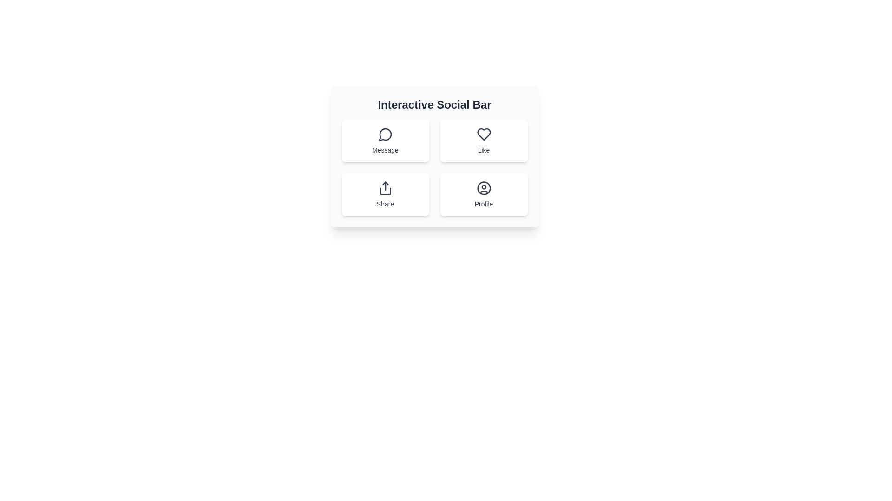  Describe the element at coordinates (385, 134) in the screenshot. I see `the circular speech bubble icon with a stroke outline located at the center-top of the 'Message' card` at that location.